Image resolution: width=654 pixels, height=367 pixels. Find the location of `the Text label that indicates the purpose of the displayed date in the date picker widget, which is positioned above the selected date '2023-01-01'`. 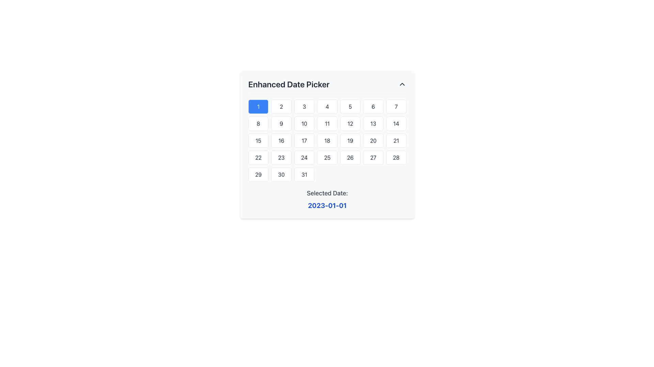

the Text label that indicates the purpose of the displayed date in the date picker widget, which is positioned above the selected date '2023-01-01' is located at coordinates (327, 193).